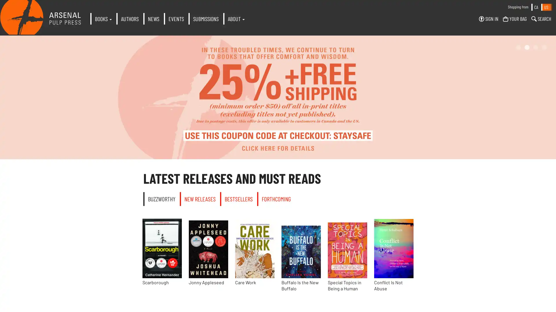 The image size is (556, 312). I want to click on 2, so click(527, 47).